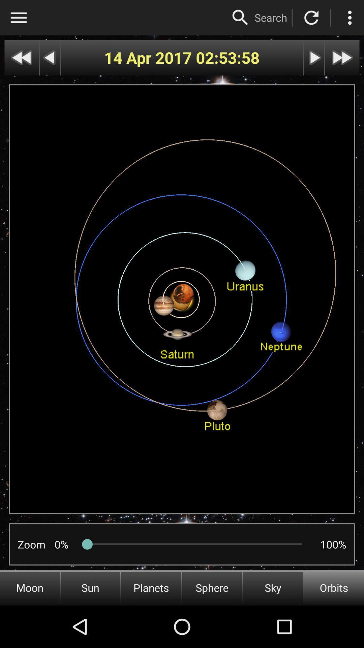 The height and width of the screenshot is (648, 364). I want to click on go back, so click(21, 58).